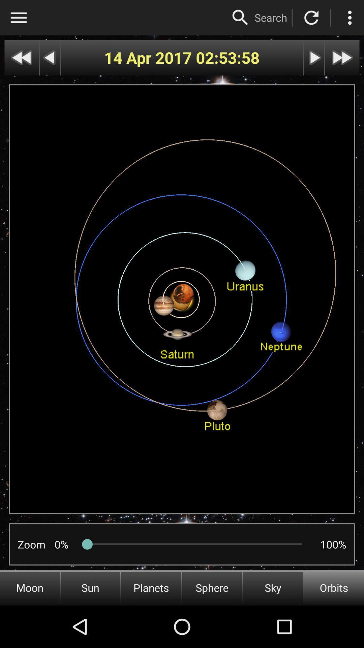 The height and width of the screenshot is (648, 364). I want to click on go back, so click(21, 58).